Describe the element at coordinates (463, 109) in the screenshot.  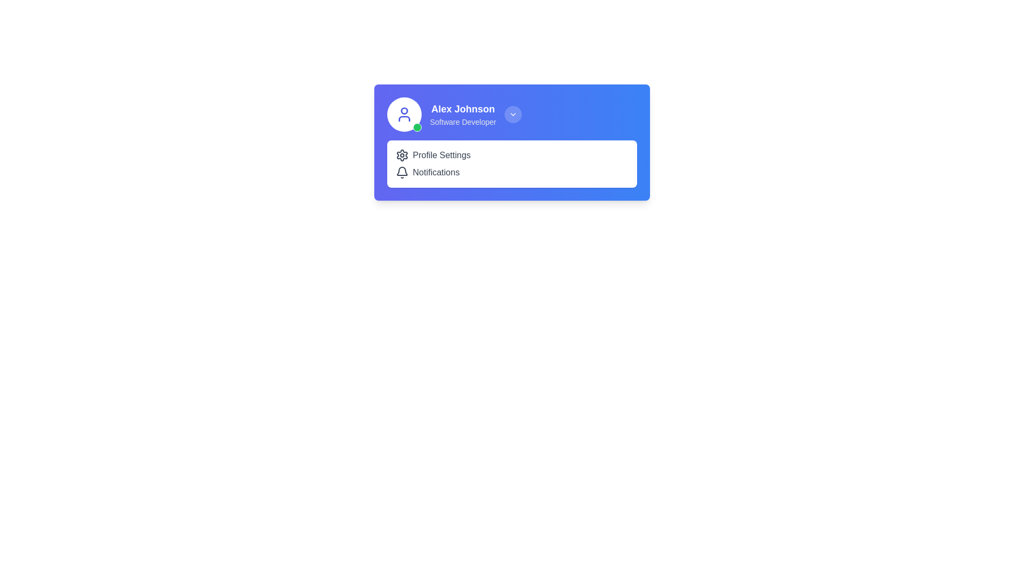
I see `the user name text label in the profile section, located in the upper portion of the interface, adjacent to the avatar image` at that location.